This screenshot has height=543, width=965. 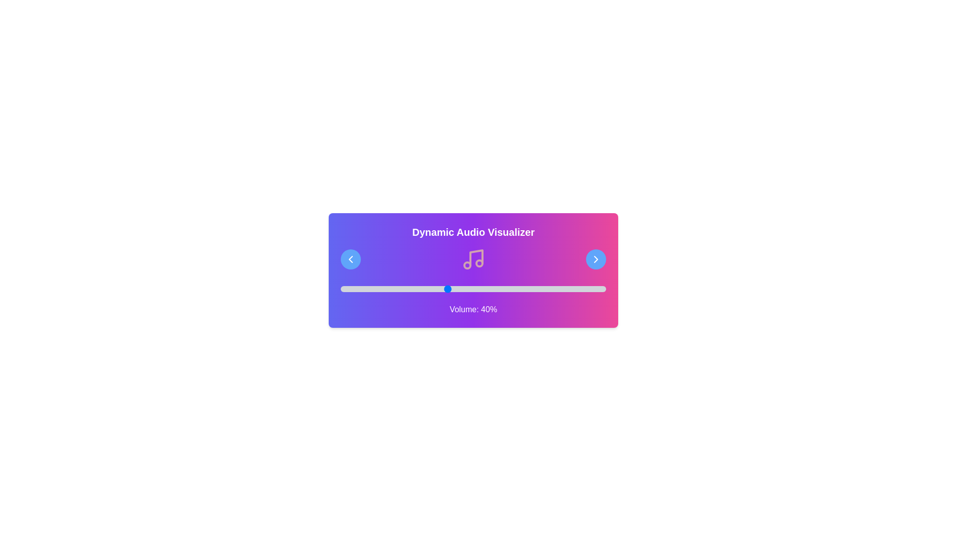 What do you see at coordinates (521, 289) in the screenshot?
I see `the volume slider to set the volume to 68%` at bounding box center [521, 289].